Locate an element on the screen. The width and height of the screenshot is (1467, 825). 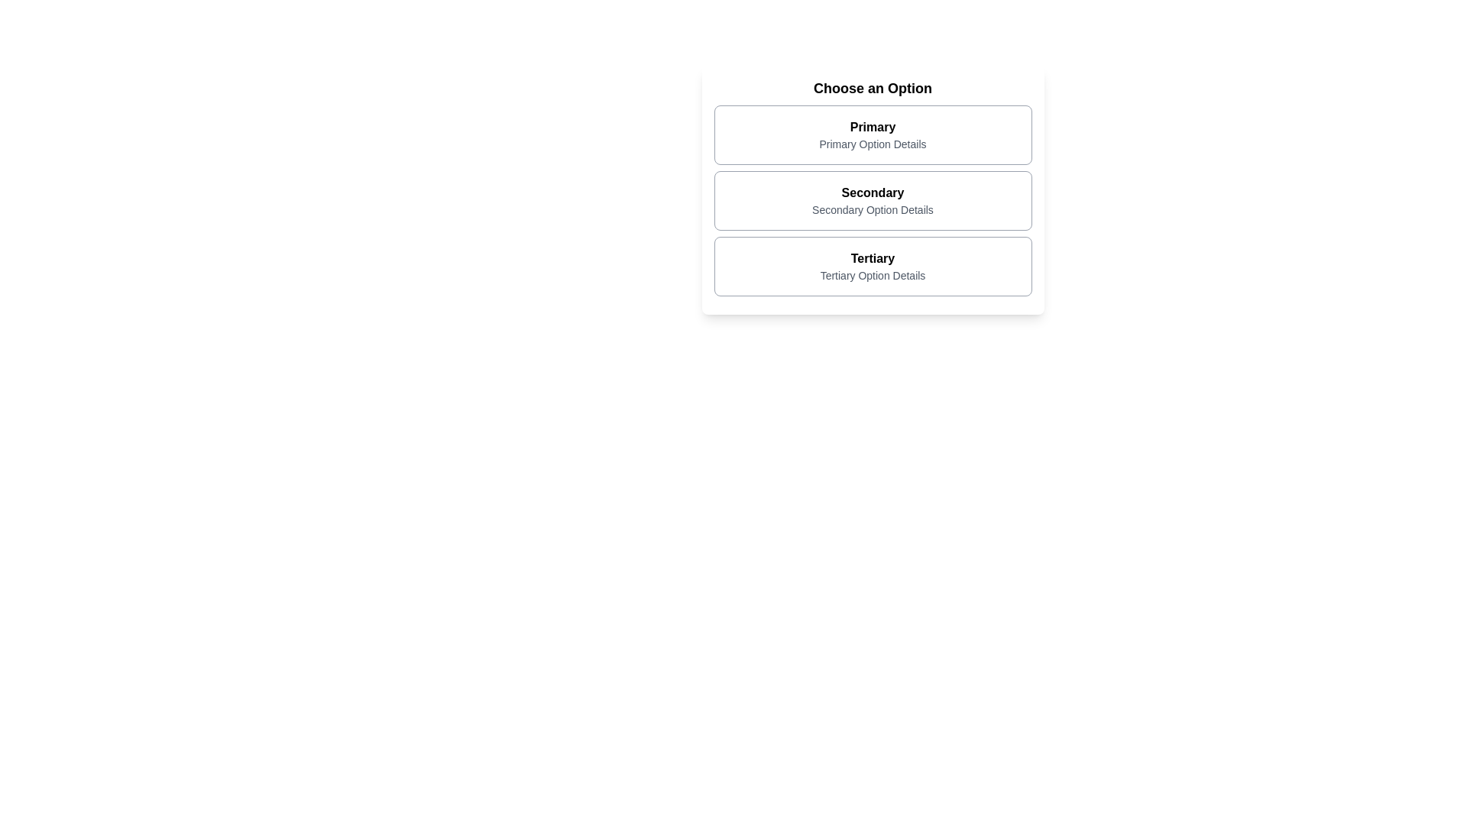
the main label of the second option in the selection interface to interact with it is located at coordinates (873, 192).